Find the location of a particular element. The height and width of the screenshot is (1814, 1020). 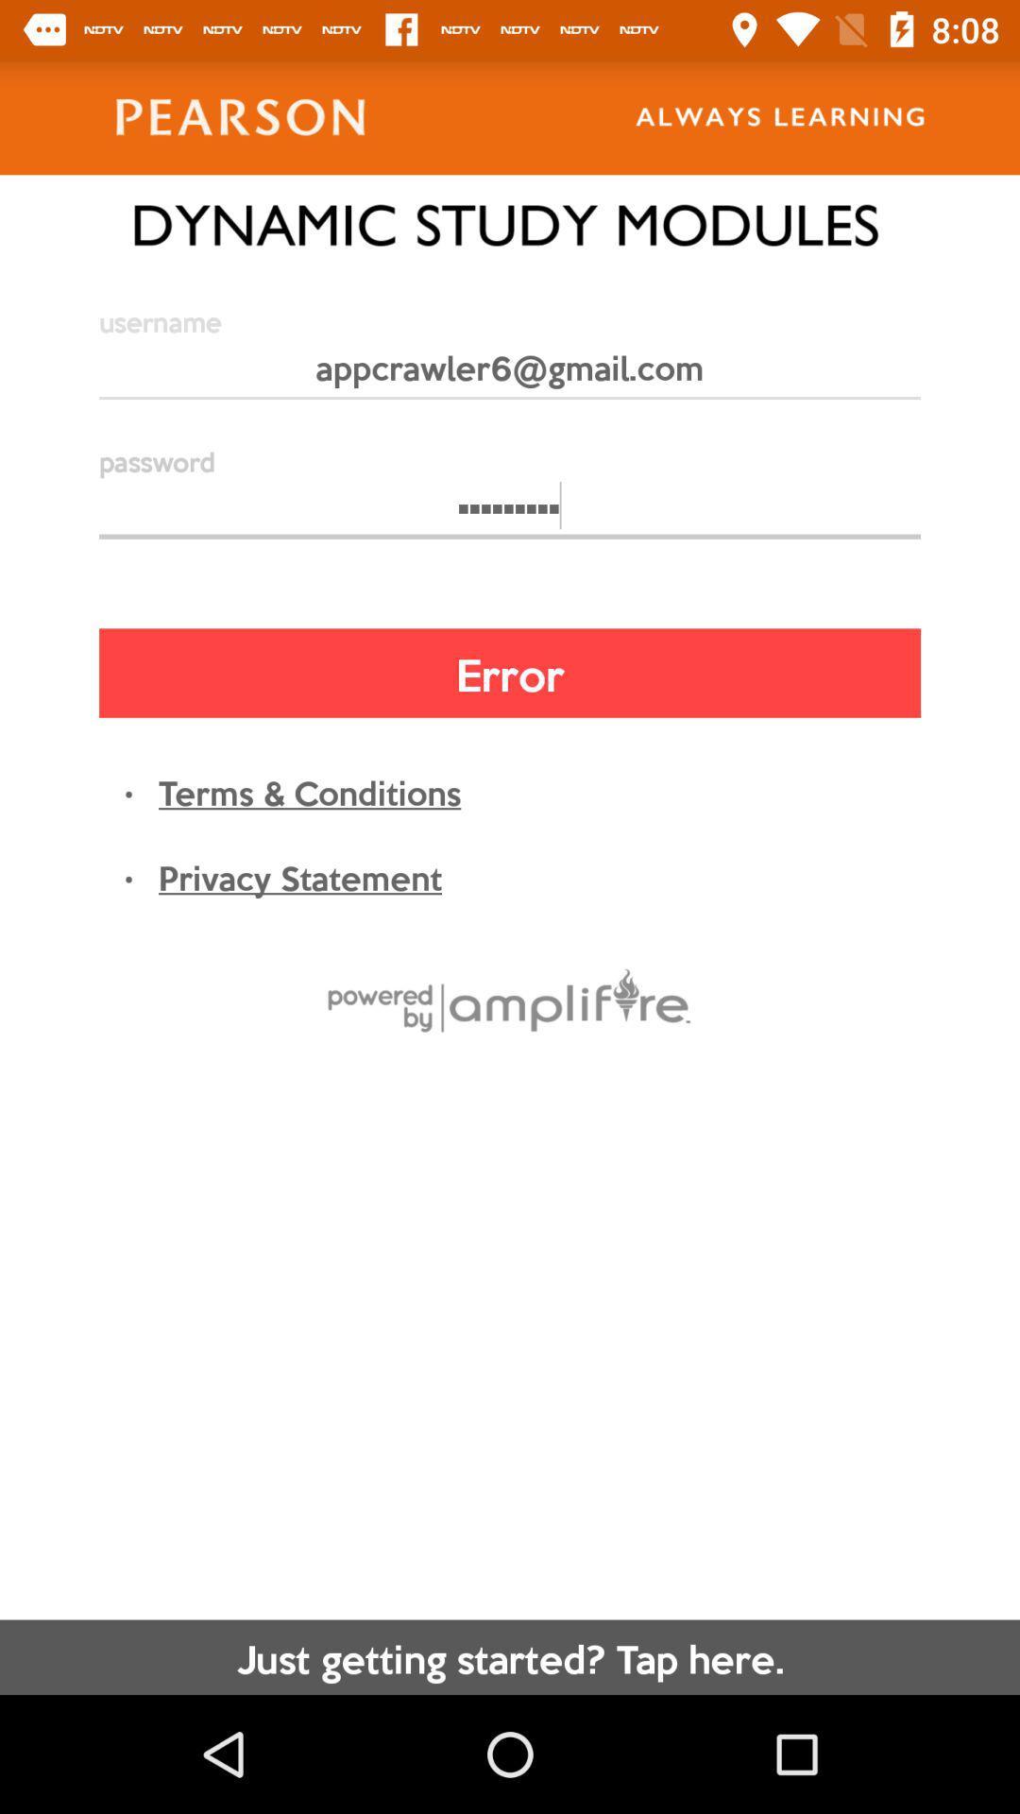

the error item is located at coordinates (510, 673).